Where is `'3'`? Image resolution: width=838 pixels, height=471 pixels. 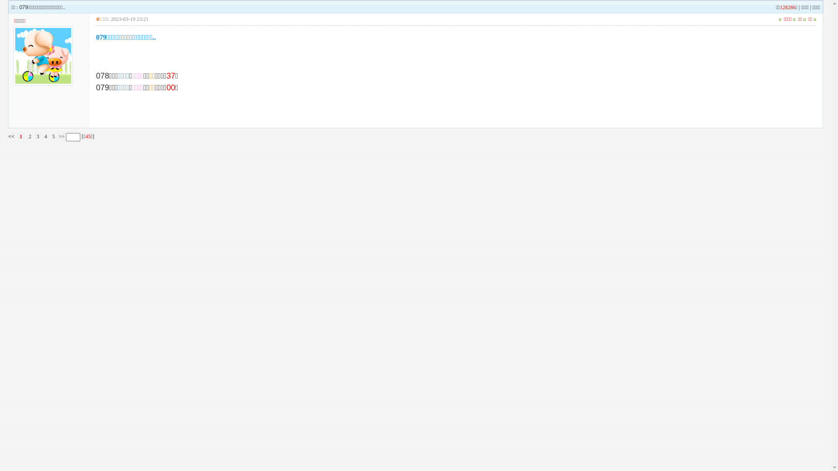 '3' is located at coordinates (37, 136).